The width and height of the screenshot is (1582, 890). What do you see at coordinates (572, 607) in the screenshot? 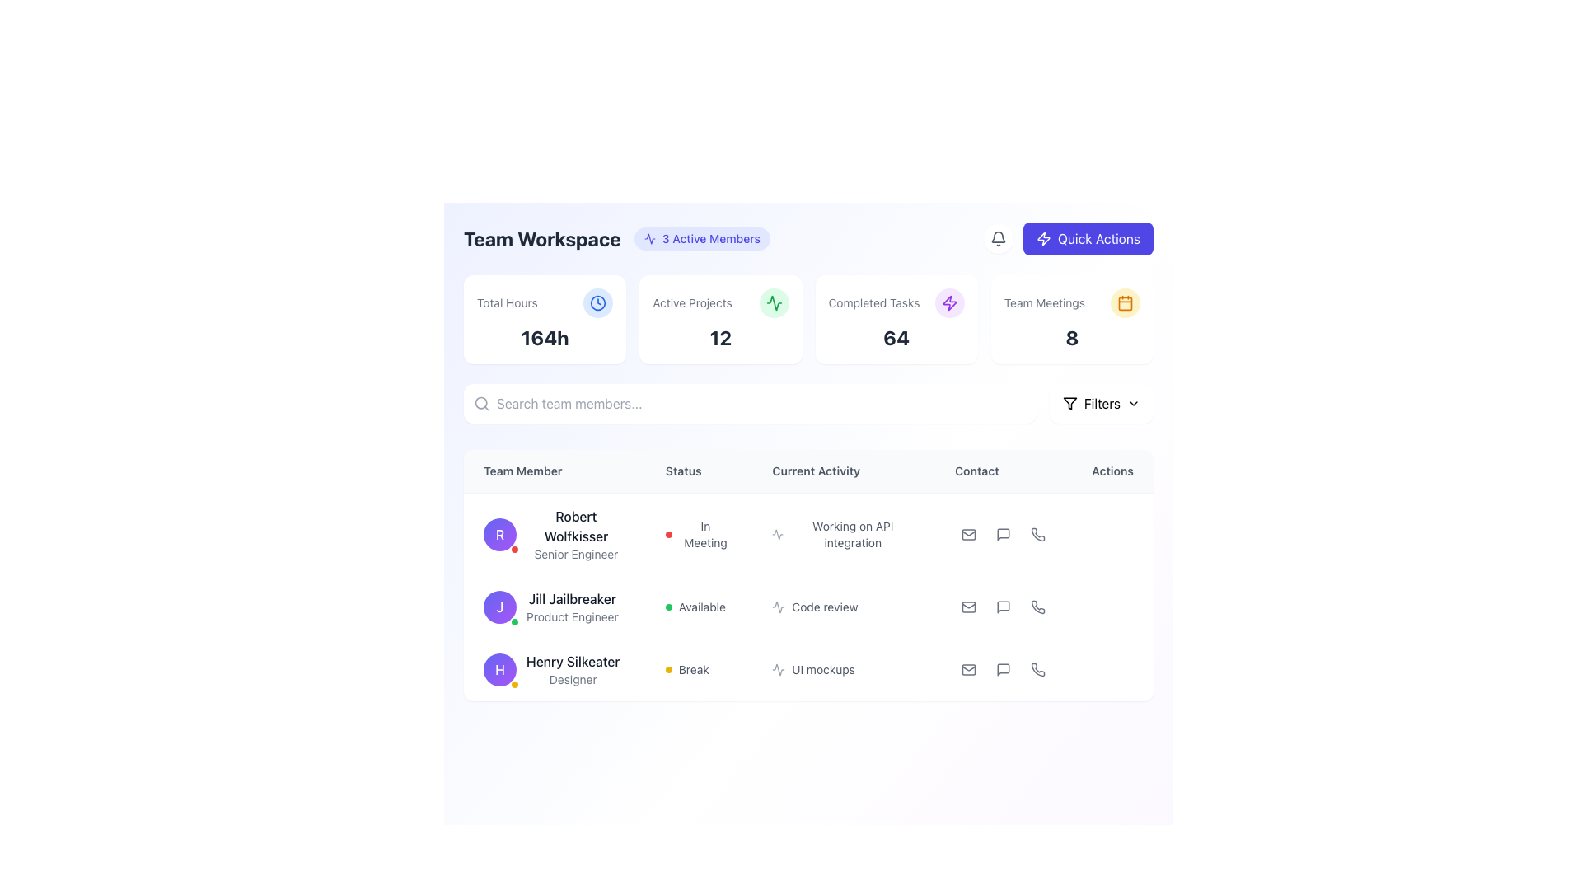
I see `name 'Jill Jailbreaker' and role 'Product Engineer' displayed in bold and lighter text respectively in the second Text Label of the 'Team Member' category` at bounding box center [572, 607].